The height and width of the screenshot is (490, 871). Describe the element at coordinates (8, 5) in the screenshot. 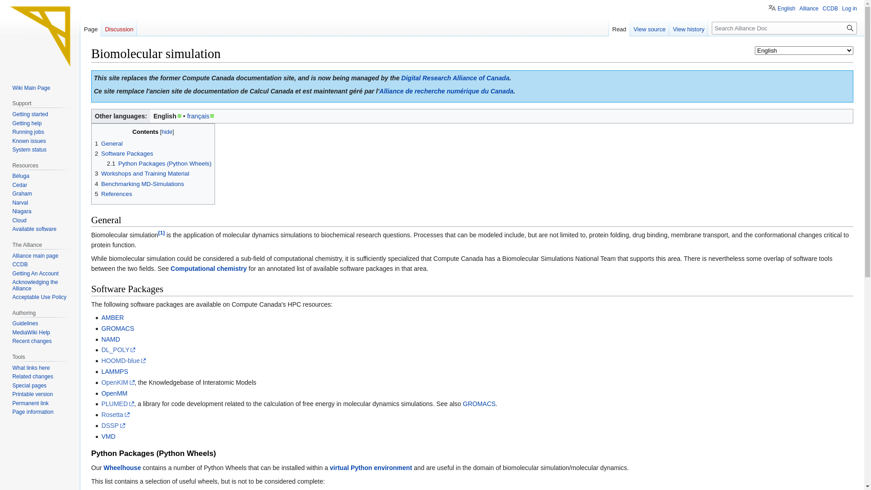

I see `'set'` at that location.